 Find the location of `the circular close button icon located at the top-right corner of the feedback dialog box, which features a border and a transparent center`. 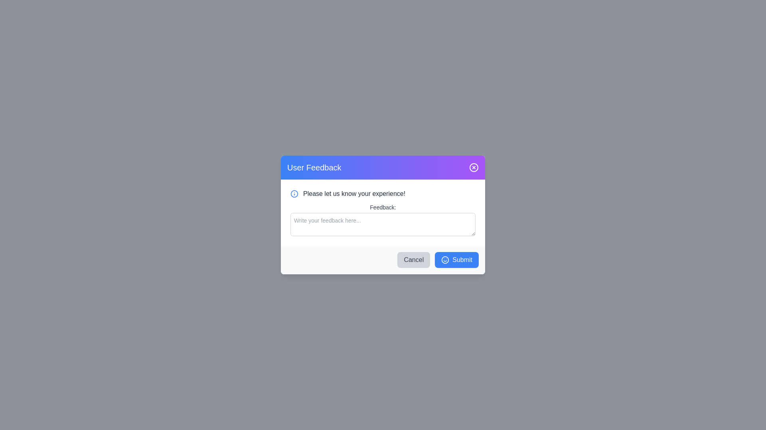

the circular close button icon located at the top-right corner of the feedback dialog box, which features a border and a transparent center is located at coordinates (474, 167).